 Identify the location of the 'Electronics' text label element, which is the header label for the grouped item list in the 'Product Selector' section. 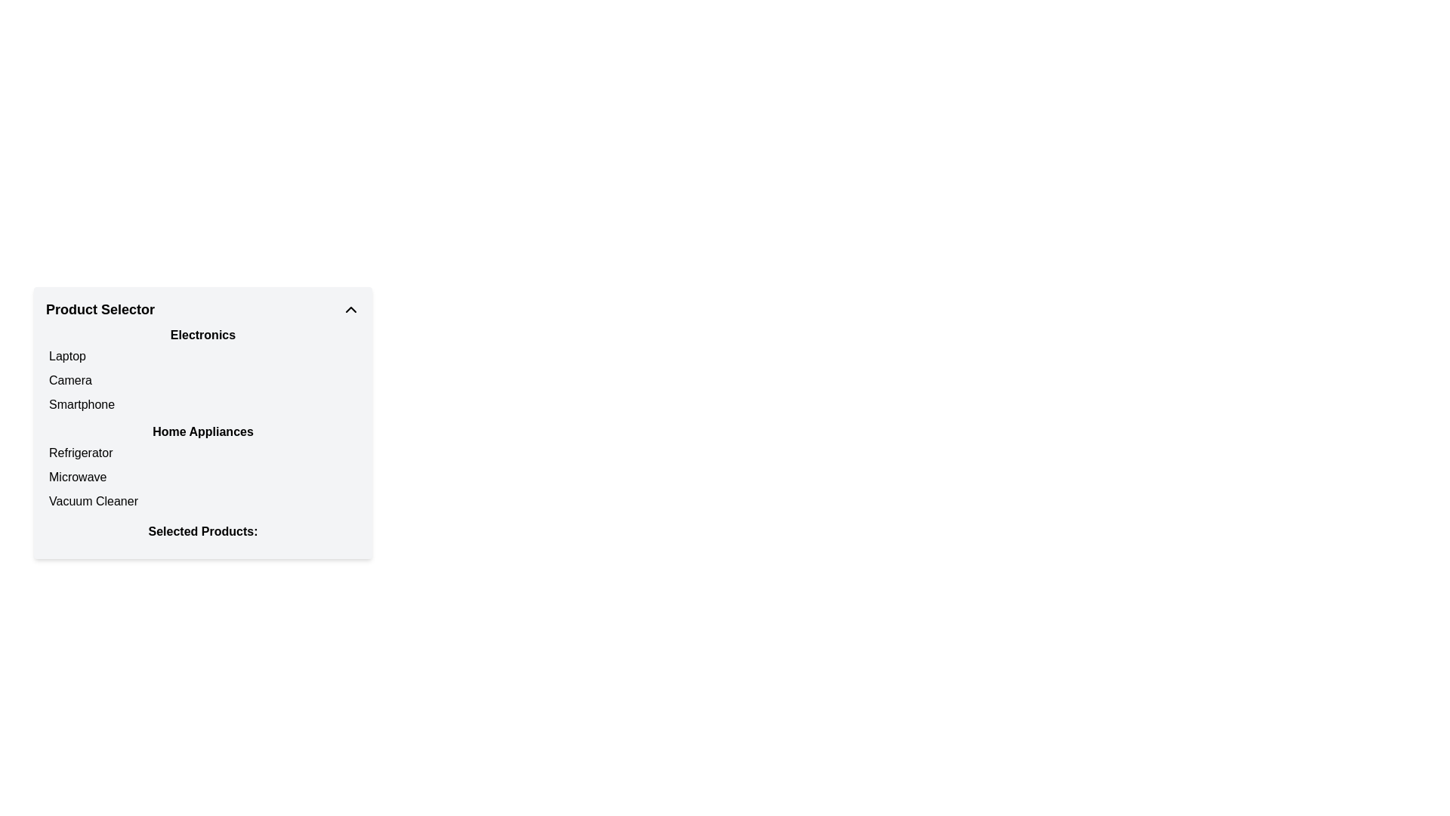
(202, 334).